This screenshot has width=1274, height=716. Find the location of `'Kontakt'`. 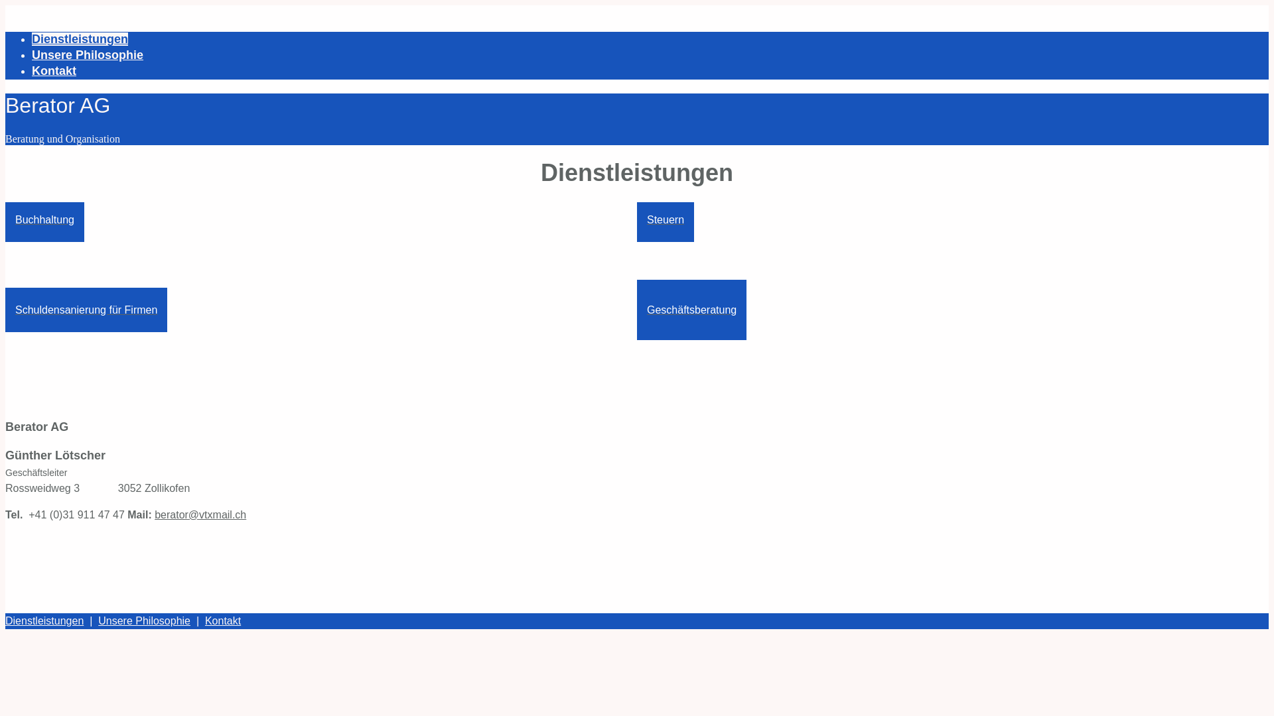

'Kontakt' is located at coordinates (204, 621).